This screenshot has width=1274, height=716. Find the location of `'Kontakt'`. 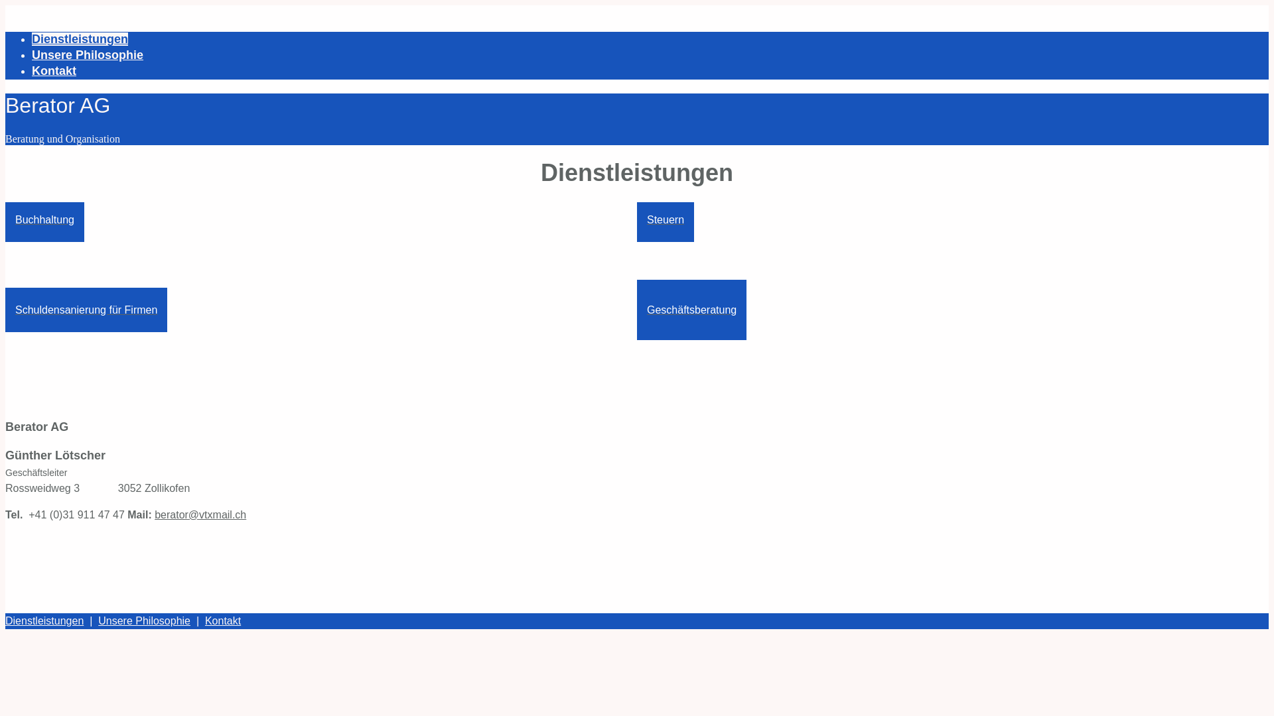

'Kontakt' is located at coordinates (204, 621).